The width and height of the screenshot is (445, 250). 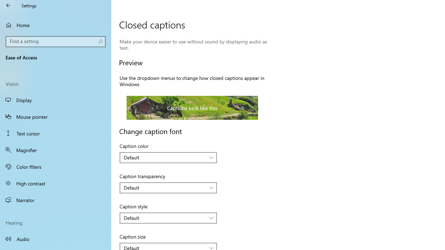 I want to click on 'Mouse pointer', so click(x=56, y=116).